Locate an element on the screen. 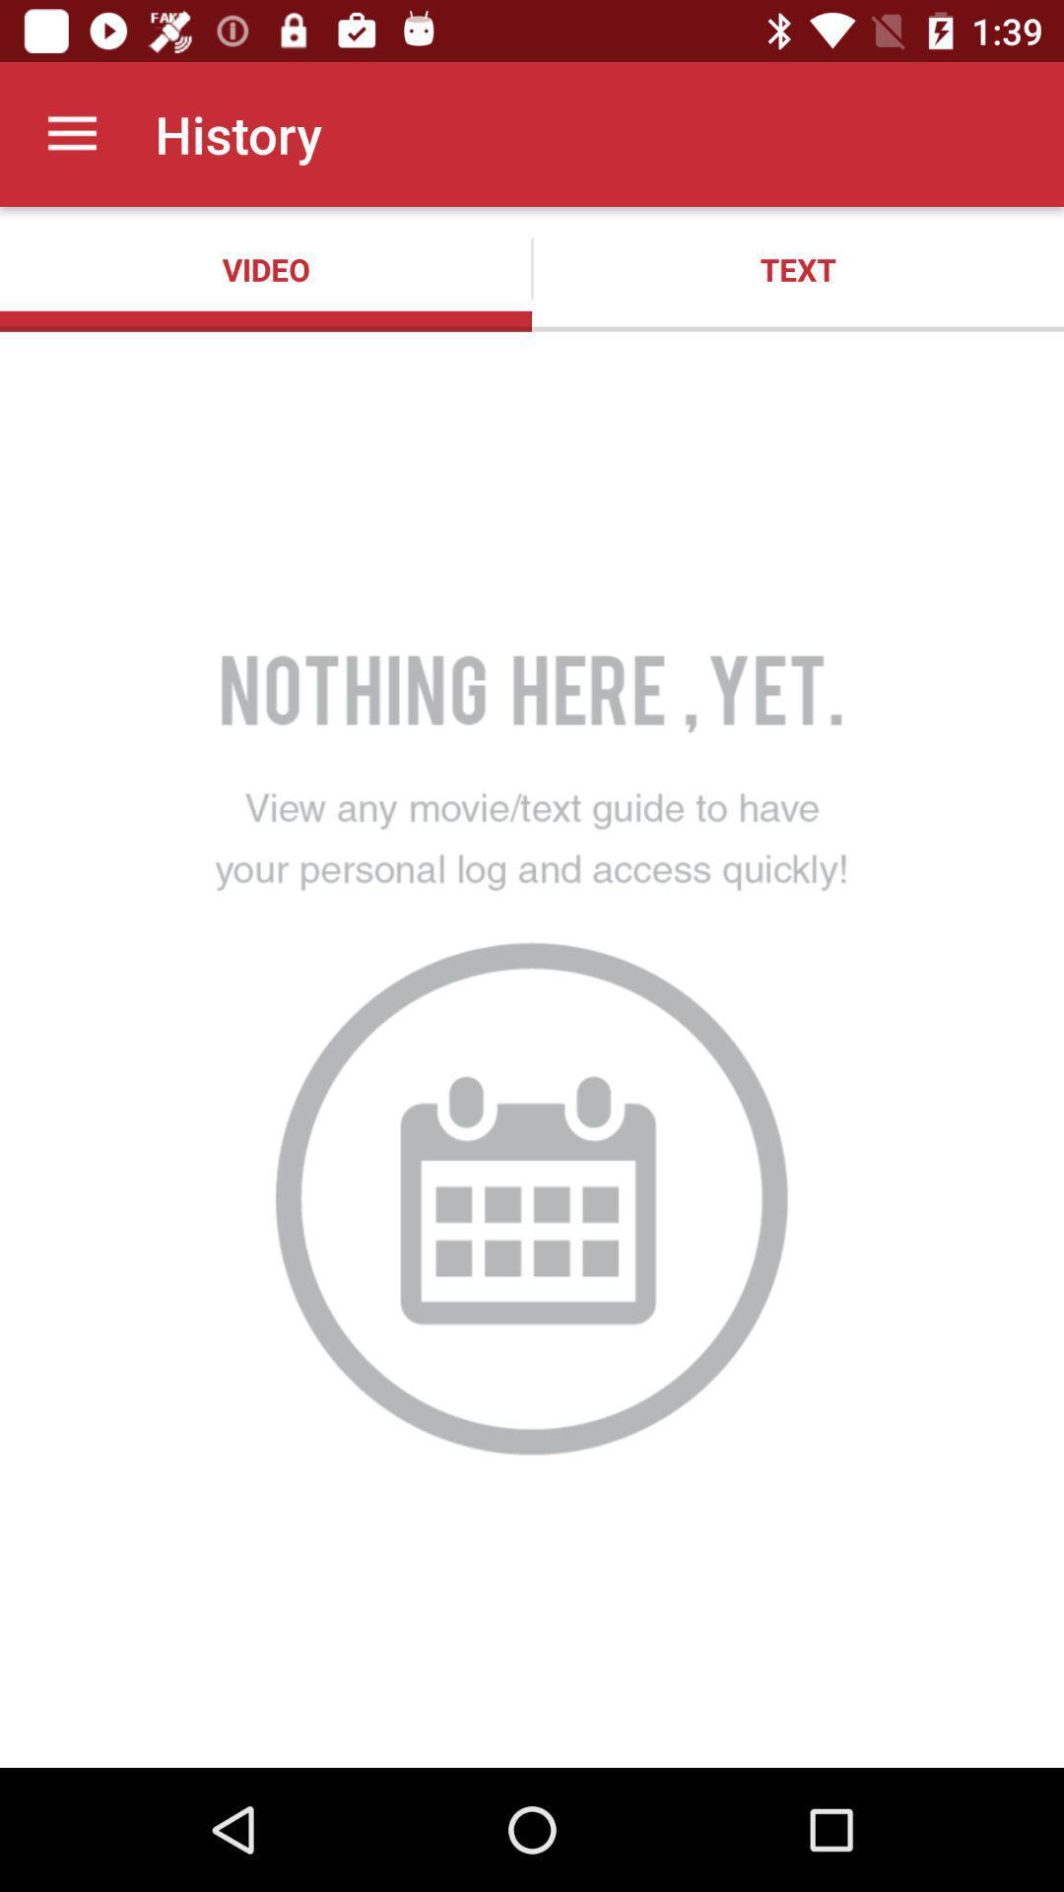  text is located at coordinates (798, 268).